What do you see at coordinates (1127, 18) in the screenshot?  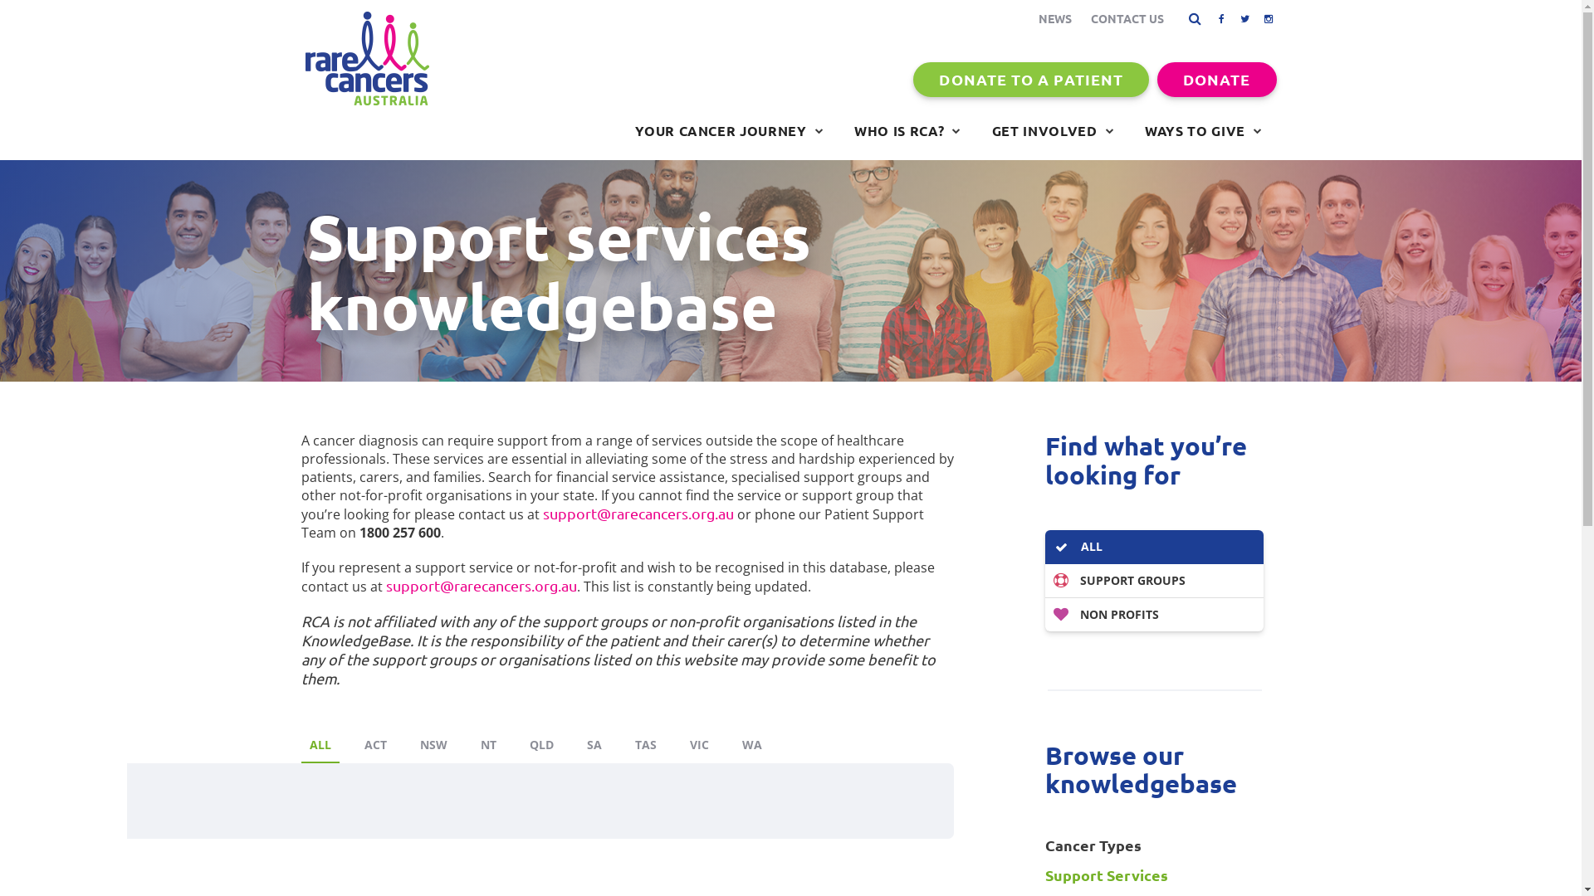 I see `'CONTACT US'` at bounding box center [1127, 18].